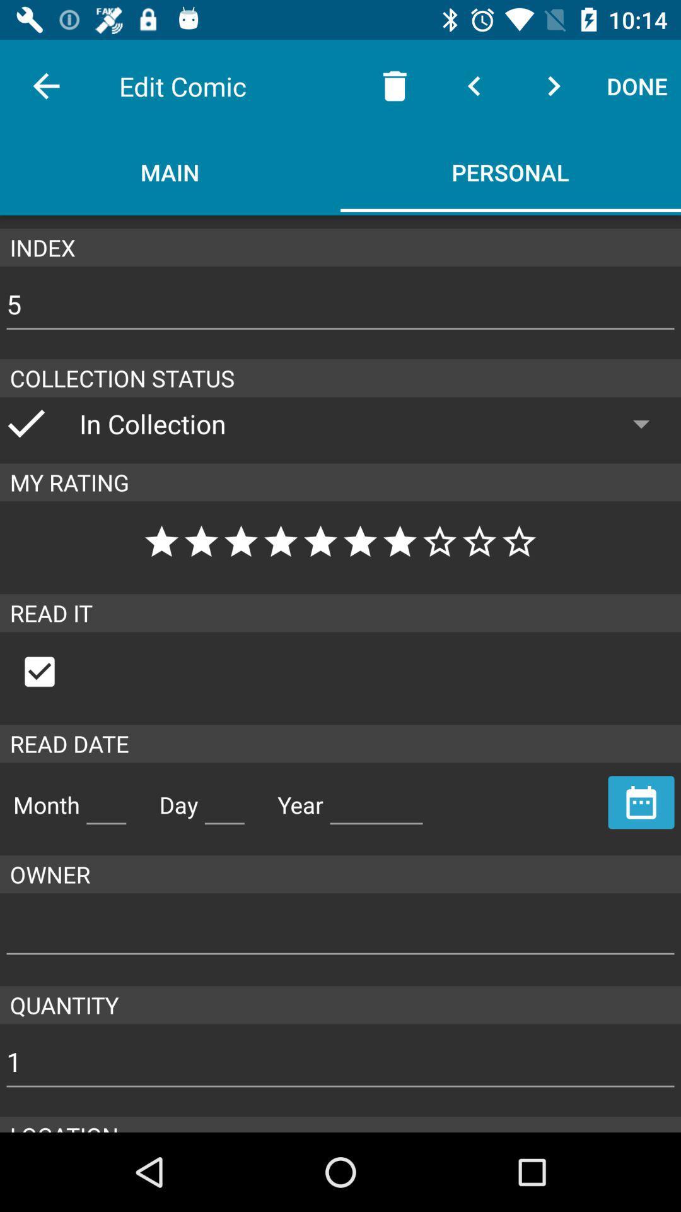 The height and width of the screenshot is (1212, 681). What do you see at coordinates (641, 802) in the screenshot?
I see `because back devicer` at bounding box center [641, 802].